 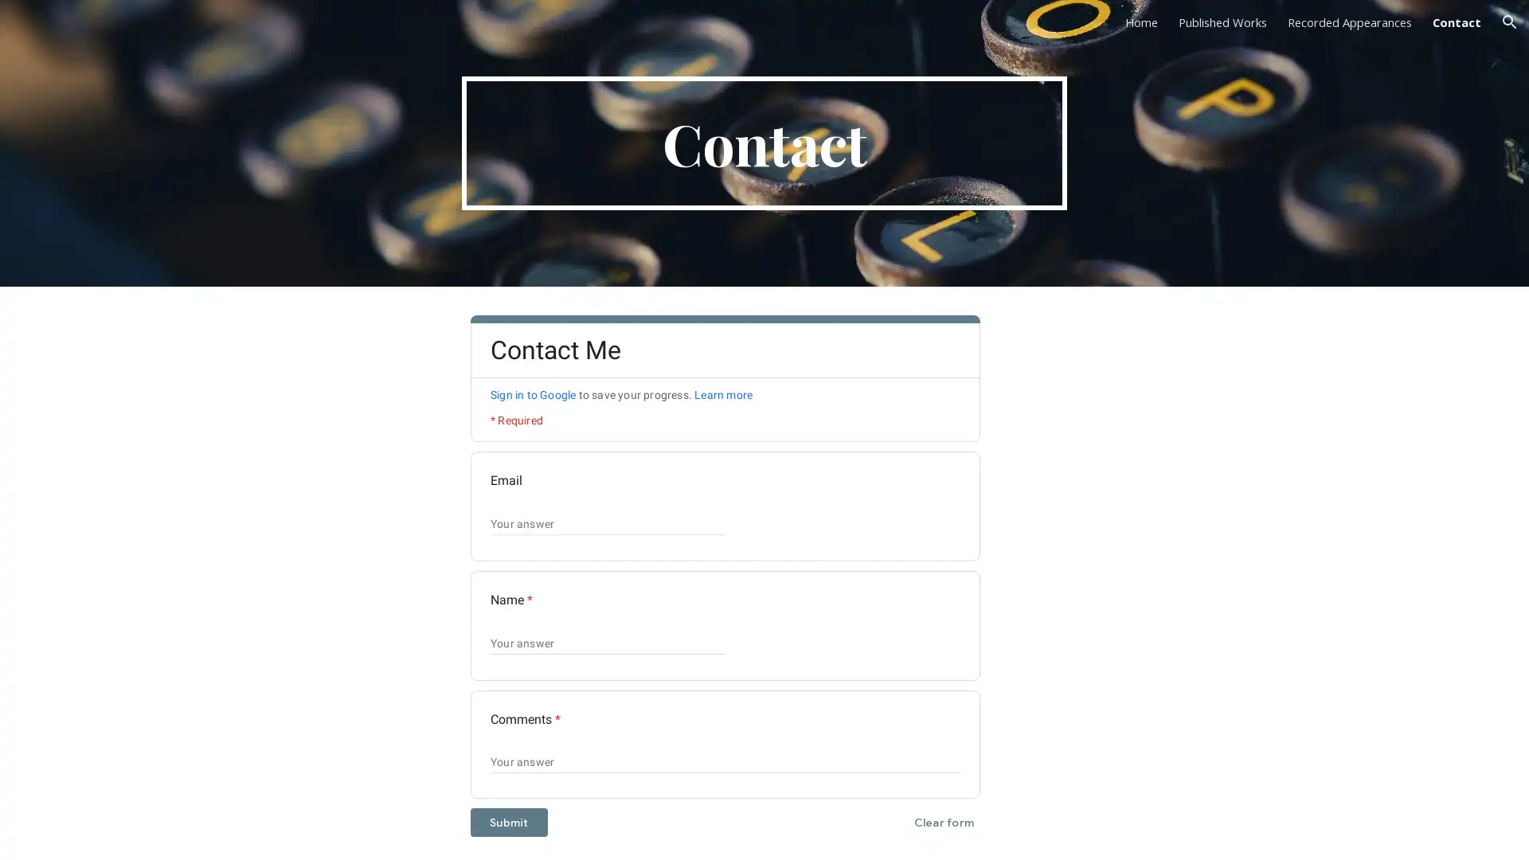 What do you see at coordinates (146, 831) in the screenshot?
I see `Report abuse` at bounding box center [146, 831].